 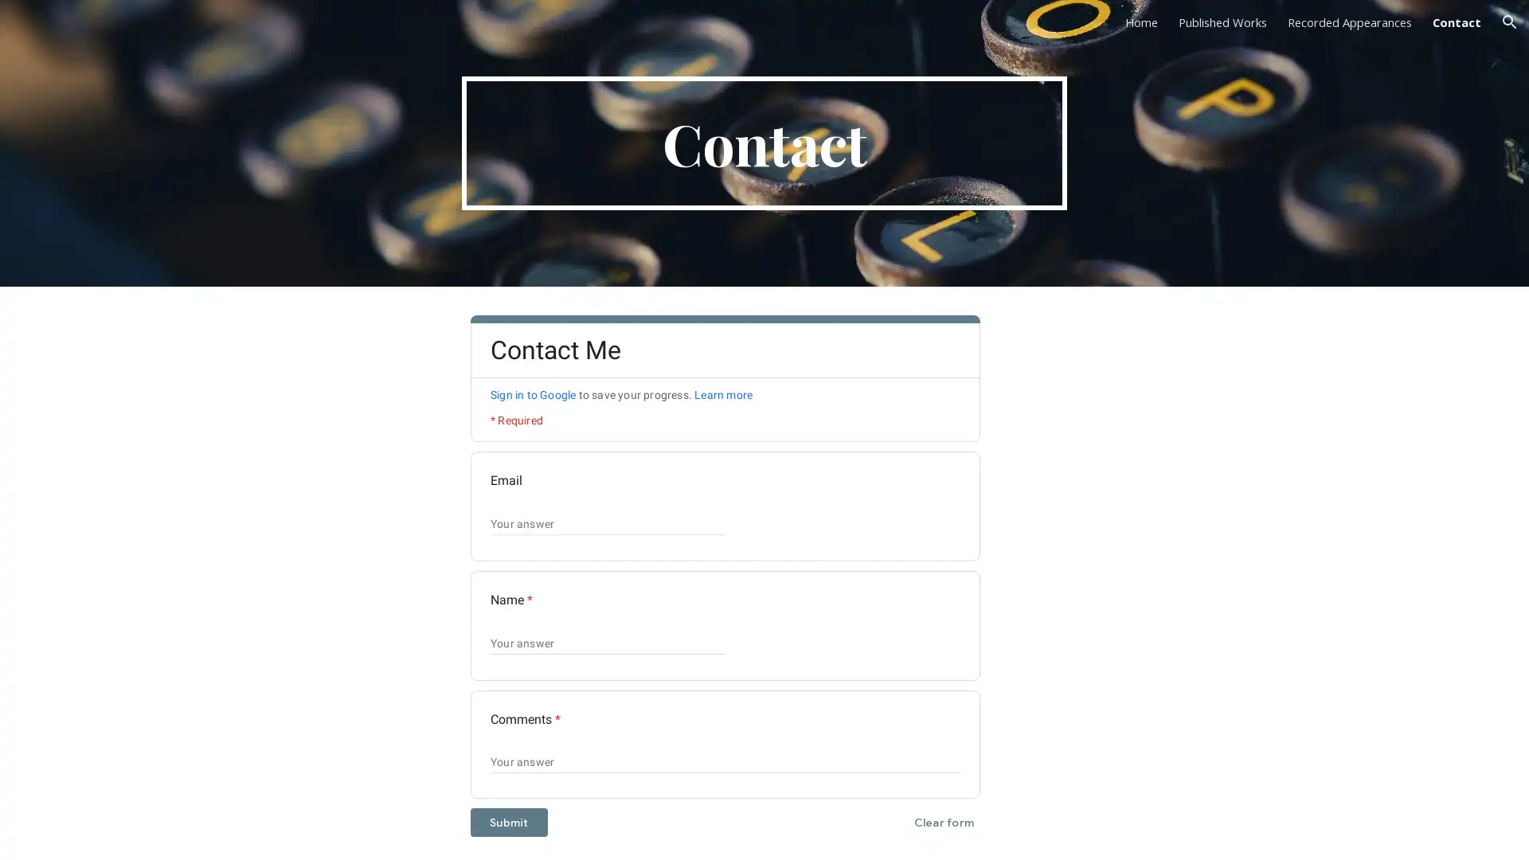 What do you see at coordinates (146, 831) in the screenshot?
I see `Report abuse` at bounding box center [146, 831].